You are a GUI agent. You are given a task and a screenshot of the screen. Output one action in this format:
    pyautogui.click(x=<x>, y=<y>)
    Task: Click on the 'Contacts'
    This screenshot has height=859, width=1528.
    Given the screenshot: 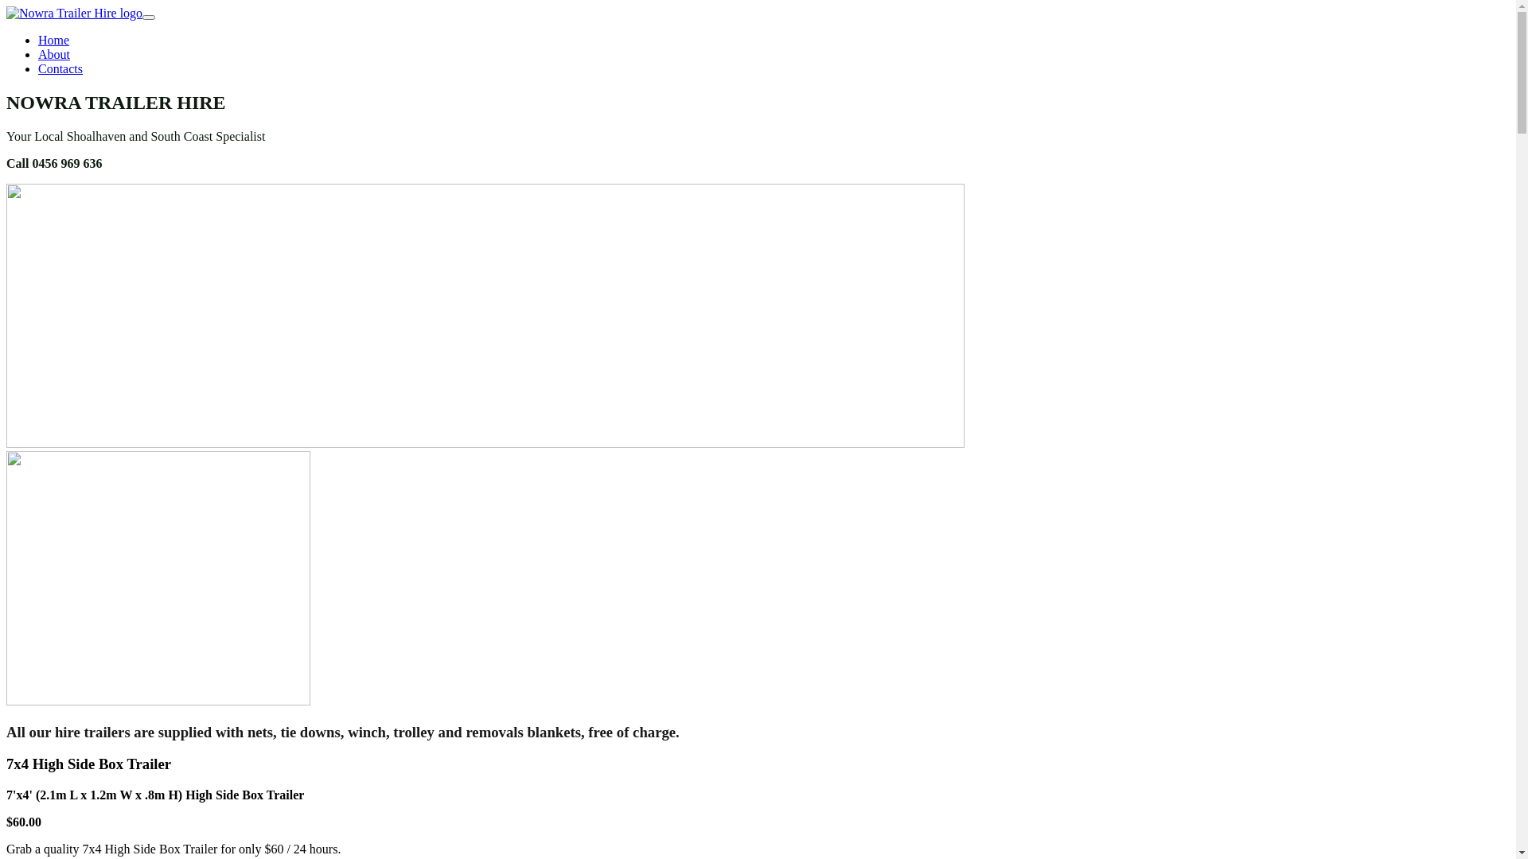 What is the action you would take?
    pyautogui.click(x=60, y=68)
    